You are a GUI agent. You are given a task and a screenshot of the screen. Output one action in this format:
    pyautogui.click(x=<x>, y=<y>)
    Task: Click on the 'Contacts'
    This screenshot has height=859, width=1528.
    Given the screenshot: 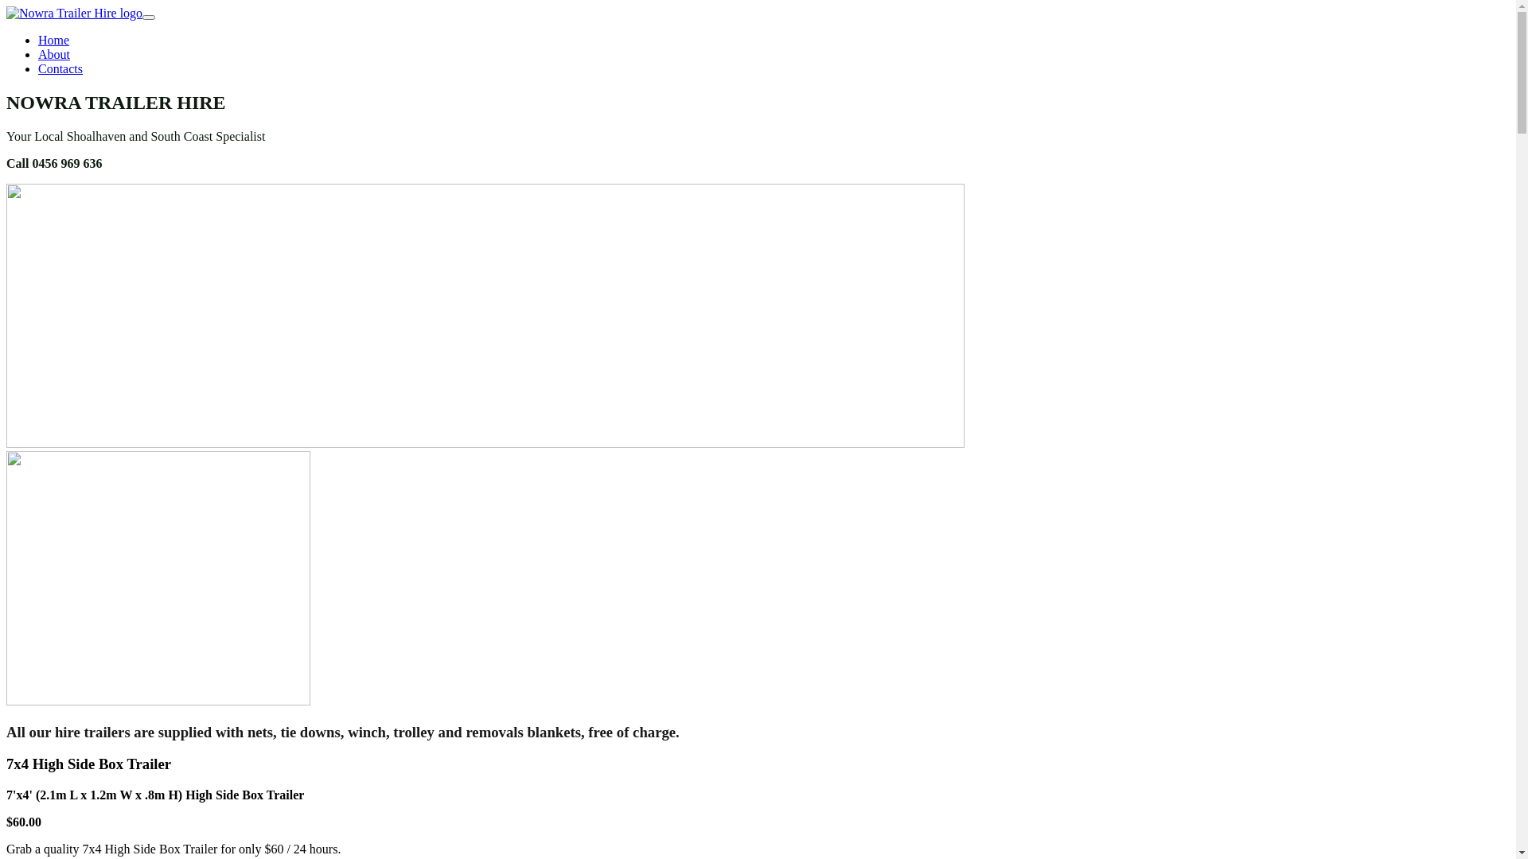 What is the action you would take?
    pyautogui.click(x=60, y=68)
    